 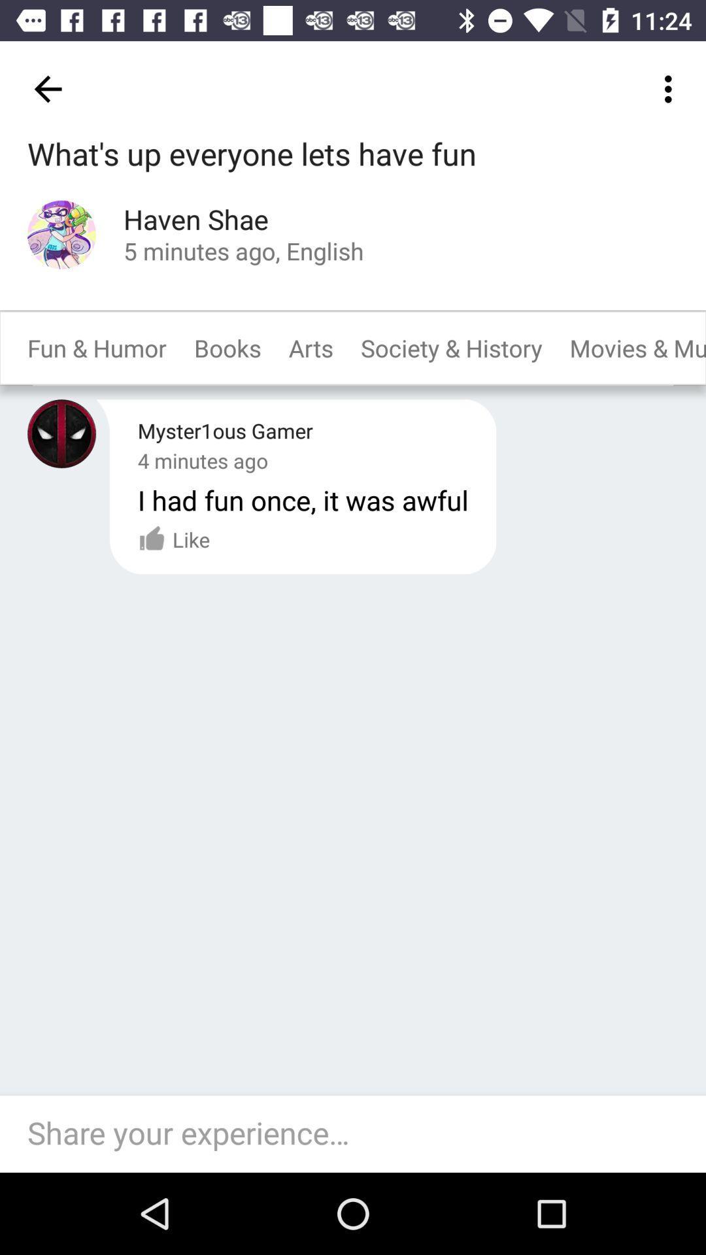 I want to click on item below the 4 minutes ago icon, so click(x=173, y=539).